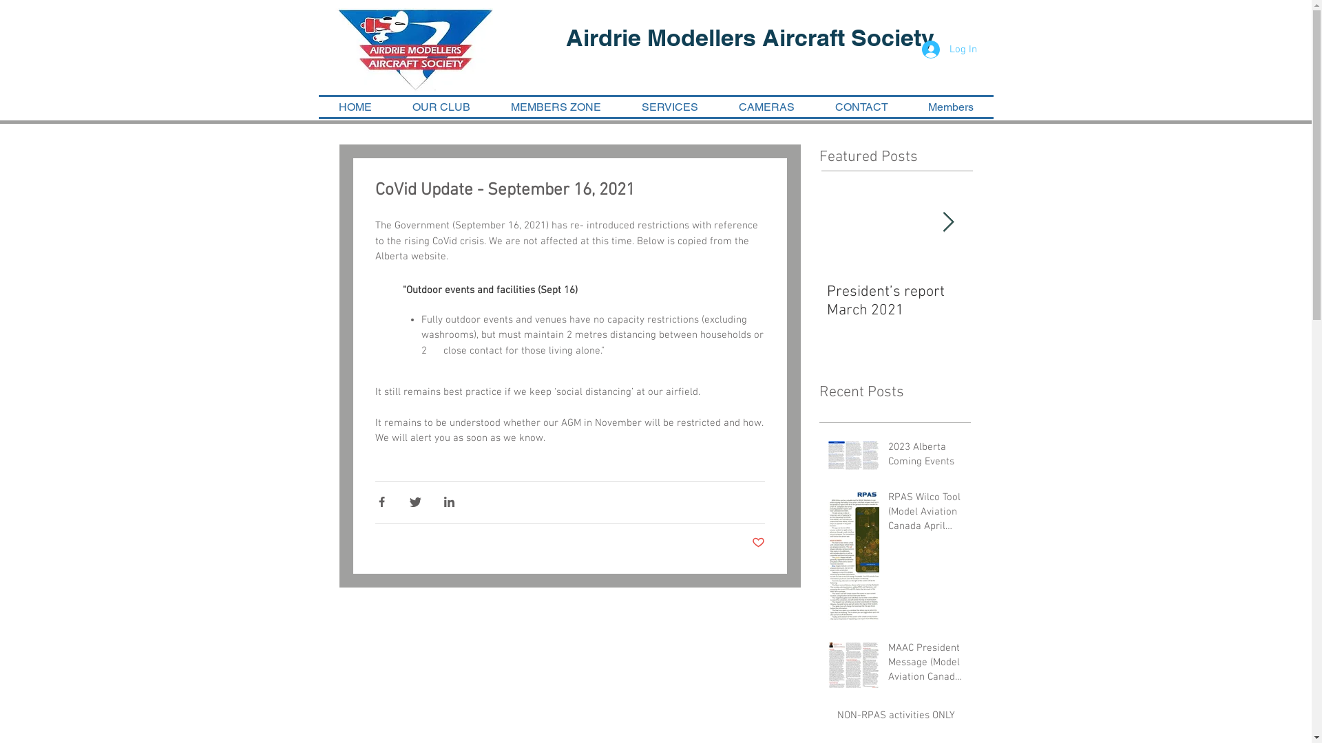 The image size is (1322, 743). I want to click on 'OUR CLUB', so click(441, 106).